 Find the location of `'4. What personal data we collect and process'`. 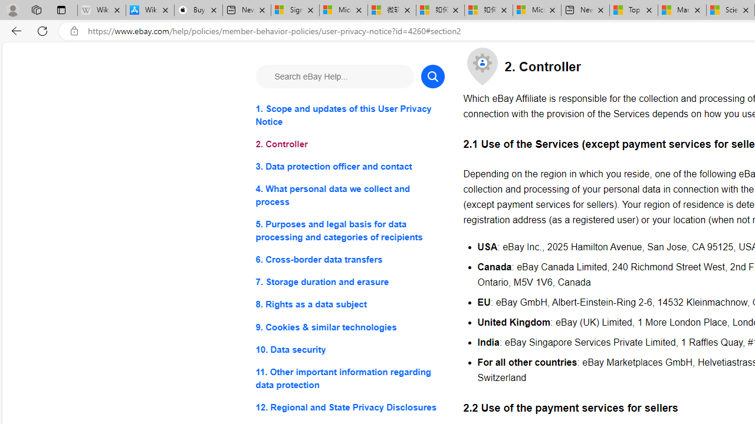

'4. What personal data we collect and process' is located at coordinates (349, 195).